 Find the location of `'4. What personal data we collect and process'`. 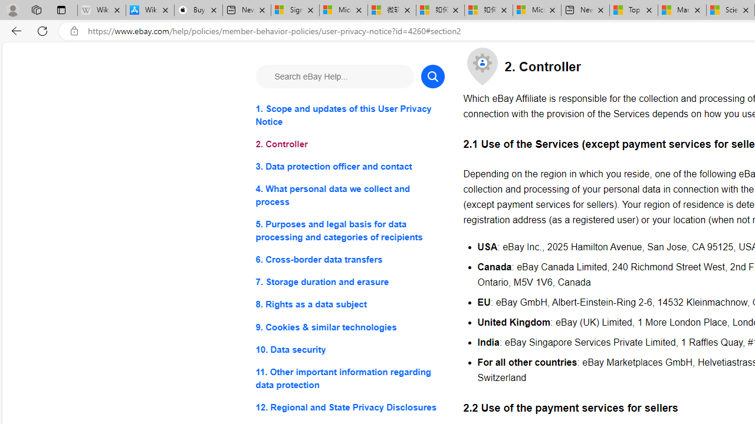

'4. What personal data we collect and process' is located at coordinates (349, 195).